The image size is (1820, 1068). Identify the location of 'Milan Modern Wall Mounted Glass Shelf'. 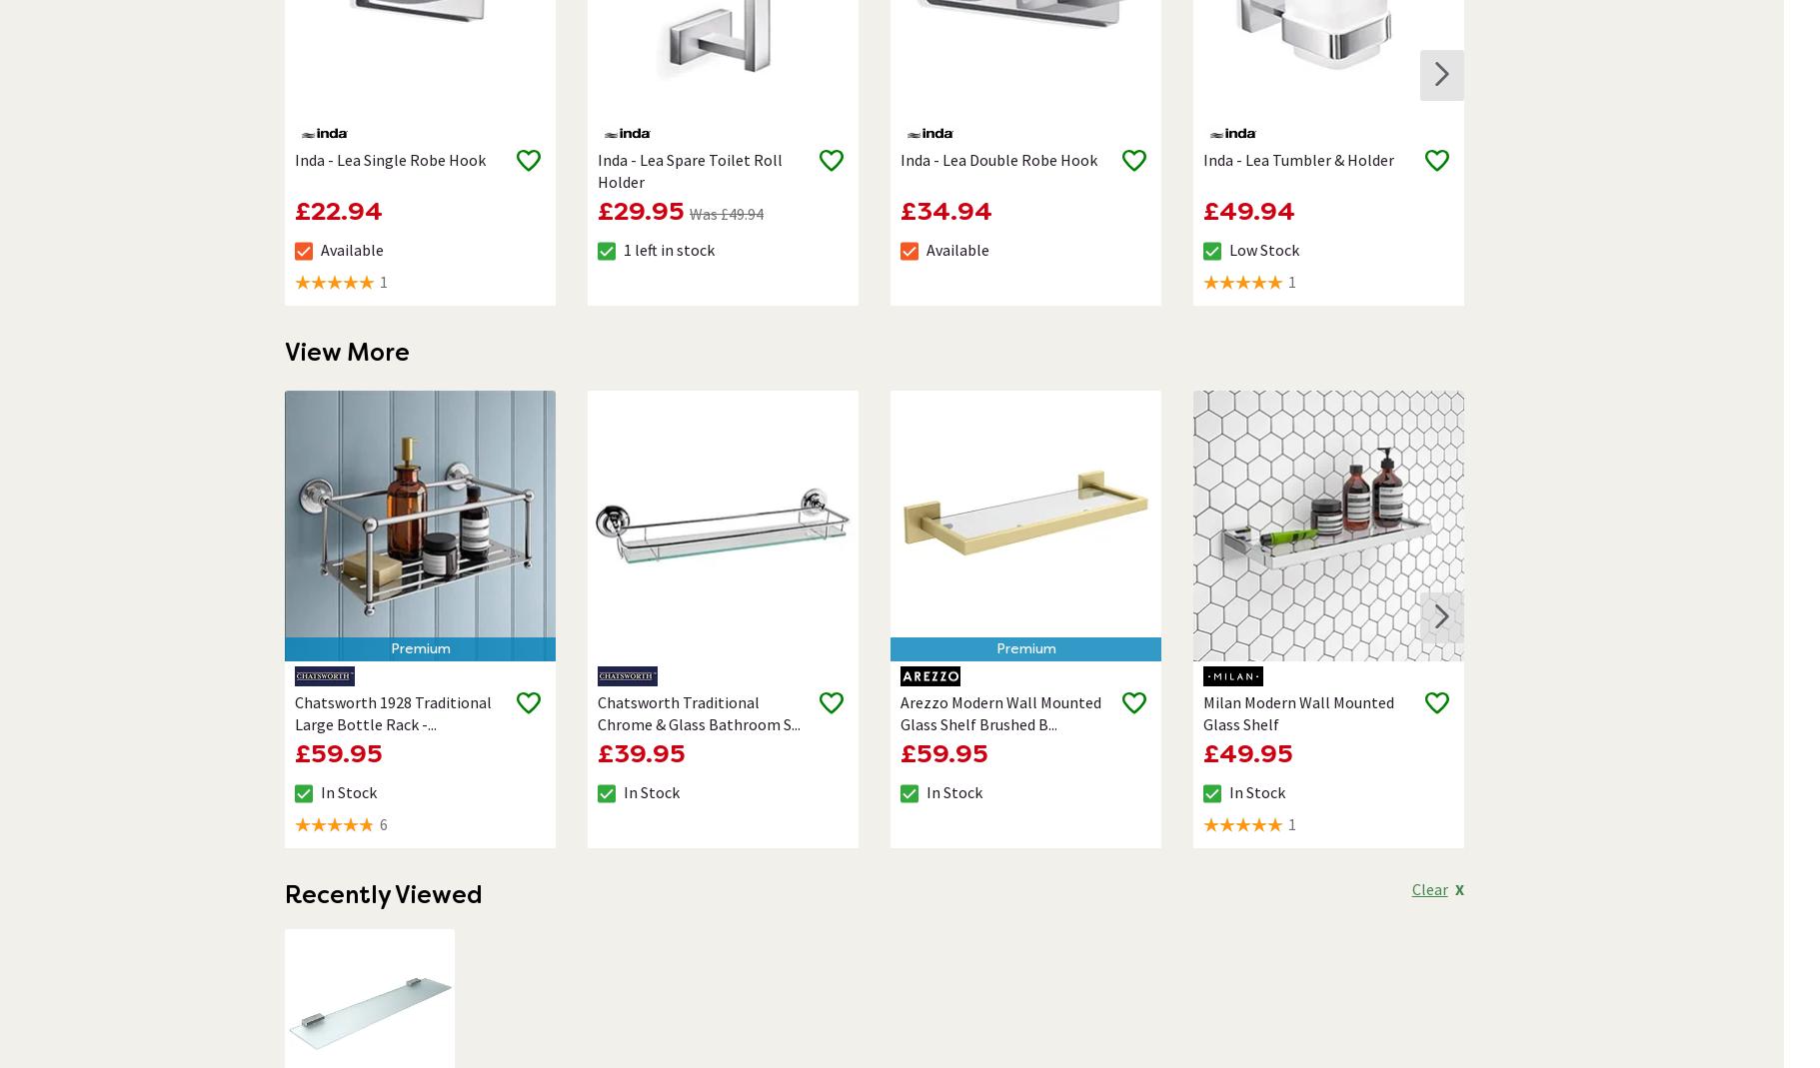
(1297, 711).